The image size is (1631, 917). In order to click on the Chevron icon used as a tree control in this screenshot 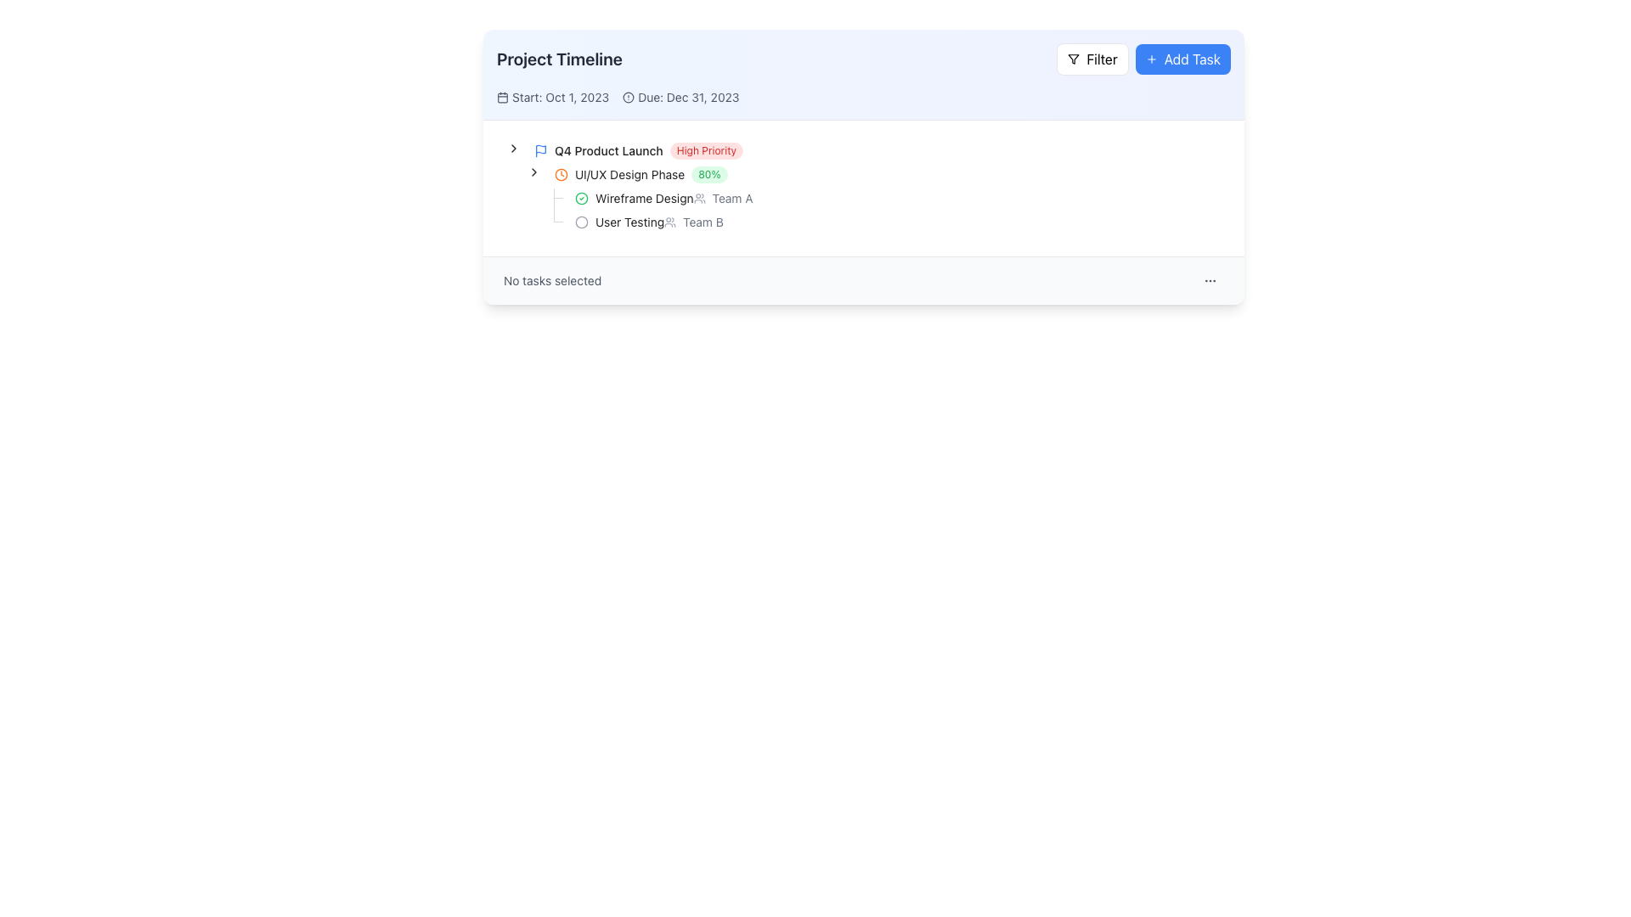, I will do `click(512, 147)`.